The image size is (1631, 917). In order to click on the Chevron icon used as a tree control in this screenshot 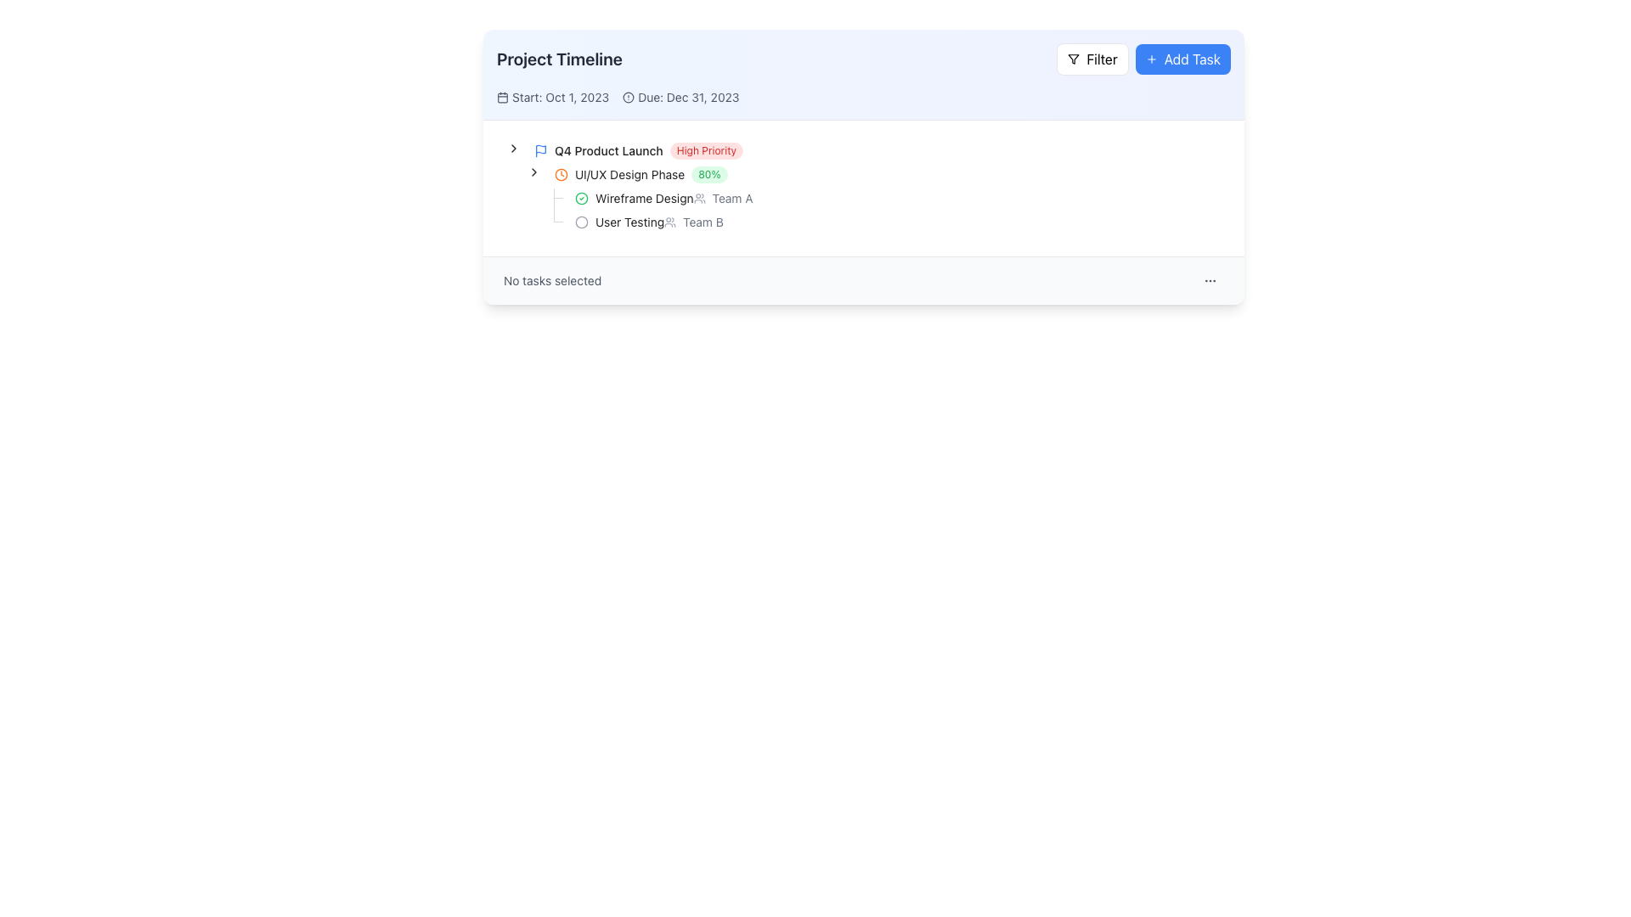, I will do `click(512, 147)`.